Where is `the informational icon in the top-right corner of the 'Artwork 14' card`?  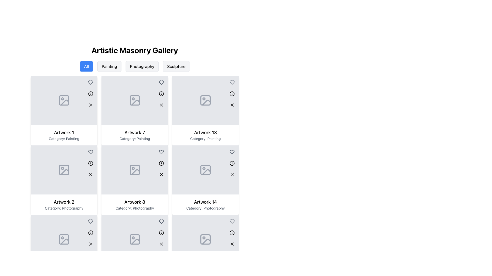 the informational icon in the top-right corner of the 'Artwork 14' card is located at coordinates (232, 233).